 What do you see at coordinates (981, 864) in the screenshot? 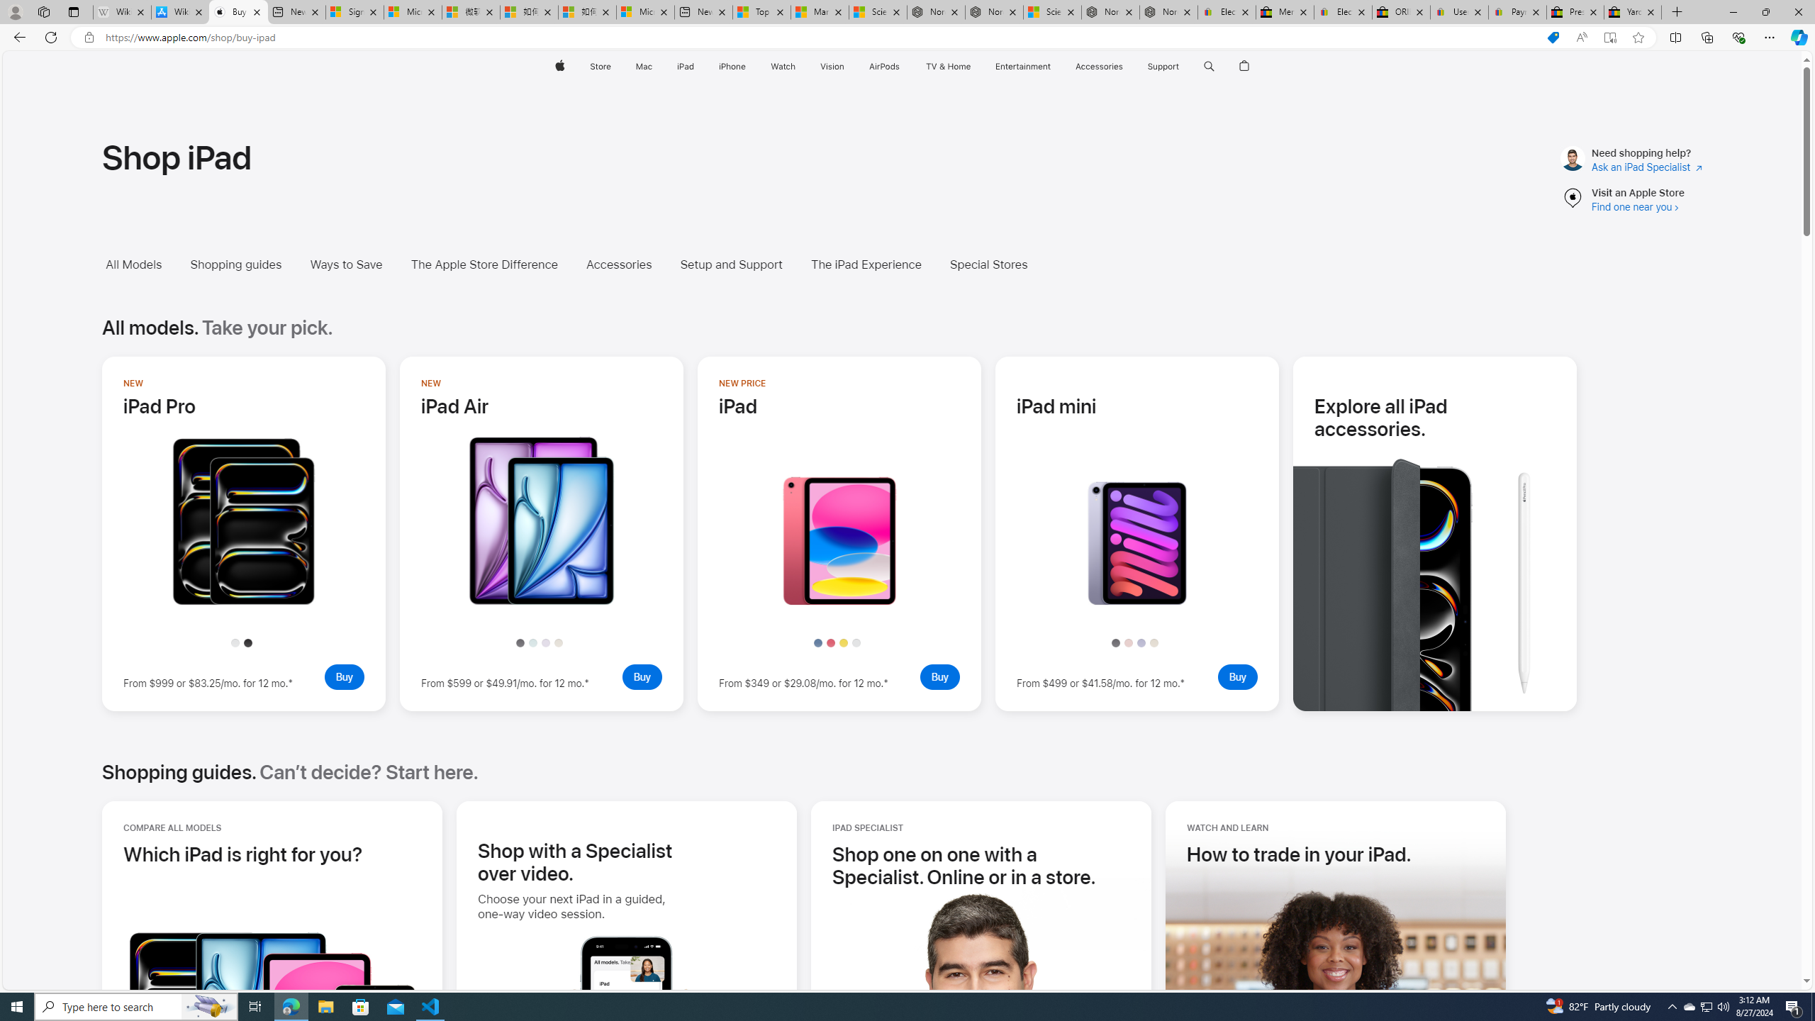
I see `'Shop one on one with a Specialist. Online or in a store.'` at bounding box center [981, 864].